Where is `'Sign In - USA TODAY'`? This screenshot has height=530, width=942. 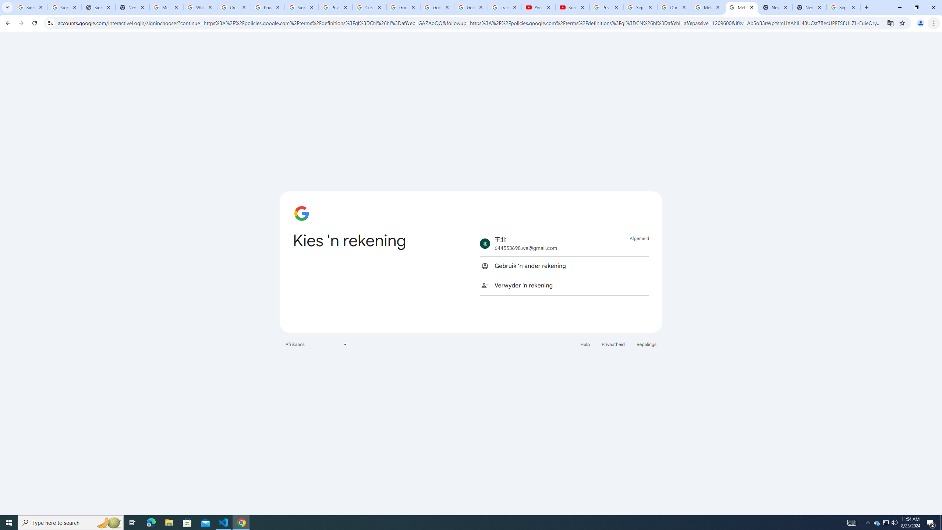
'Sign In - USA TODAY' is located at coordinates (98, 7).